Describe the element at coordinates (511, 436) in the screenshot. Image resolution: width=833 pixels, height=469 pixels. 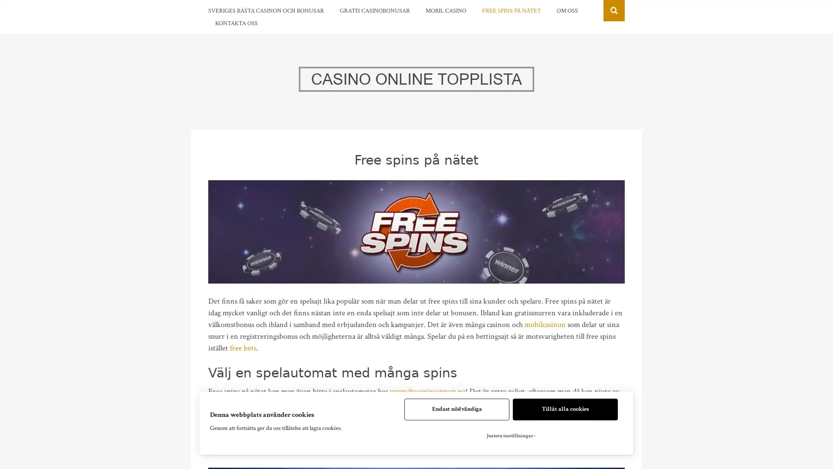
I see `Justera installningar` at that location.